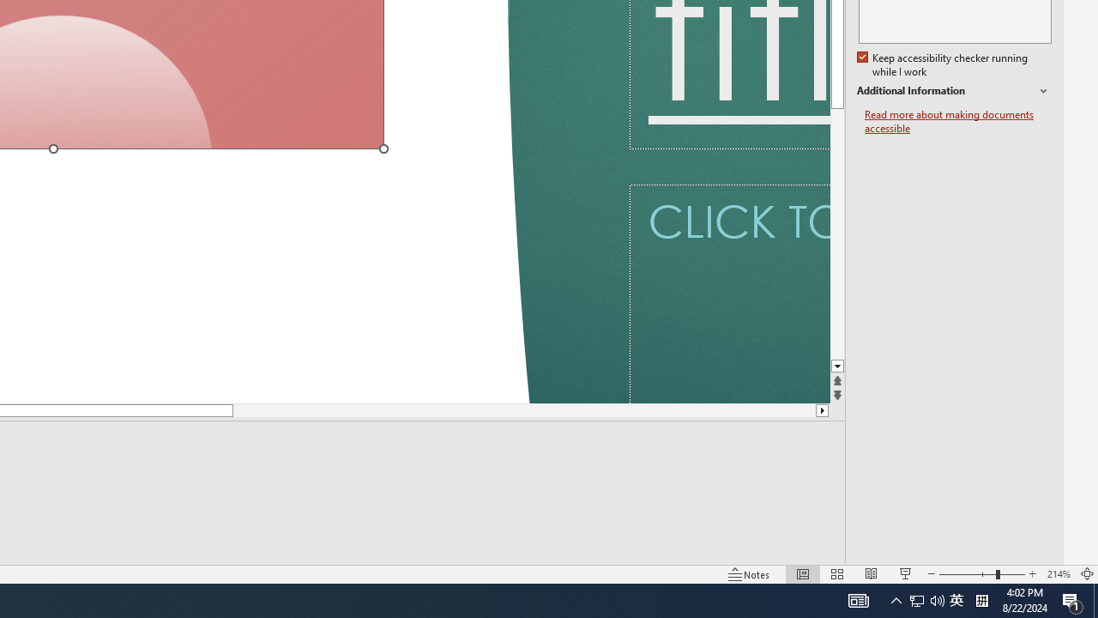  Describe the element at coordinates (1086, 574) in the screenshot. I see `'Zoom to Fit '` at that location.